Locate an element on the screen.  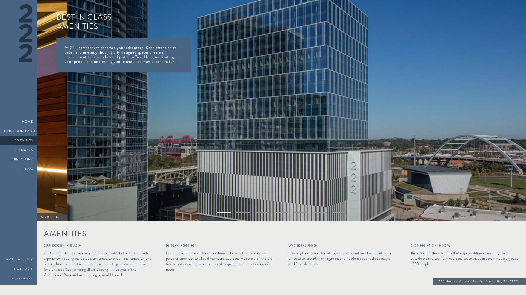
'NEIGHBORHOOD' is located at coordinates (0, 131).